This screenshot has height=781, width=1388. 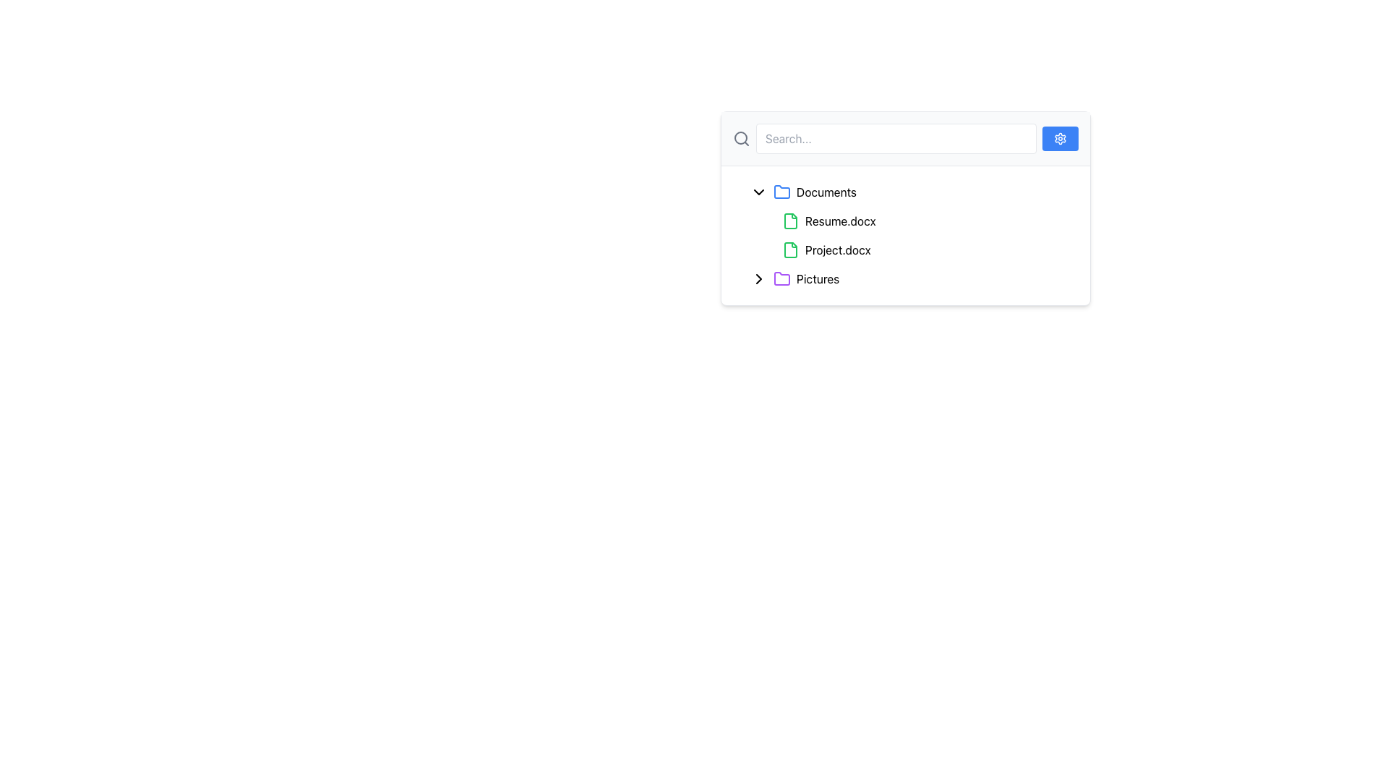 What do you see at coordinates (758, 192) in the screenshot?
I see `the downward arrow icon, which is a thin black outline` at bounding box center [758, 192].